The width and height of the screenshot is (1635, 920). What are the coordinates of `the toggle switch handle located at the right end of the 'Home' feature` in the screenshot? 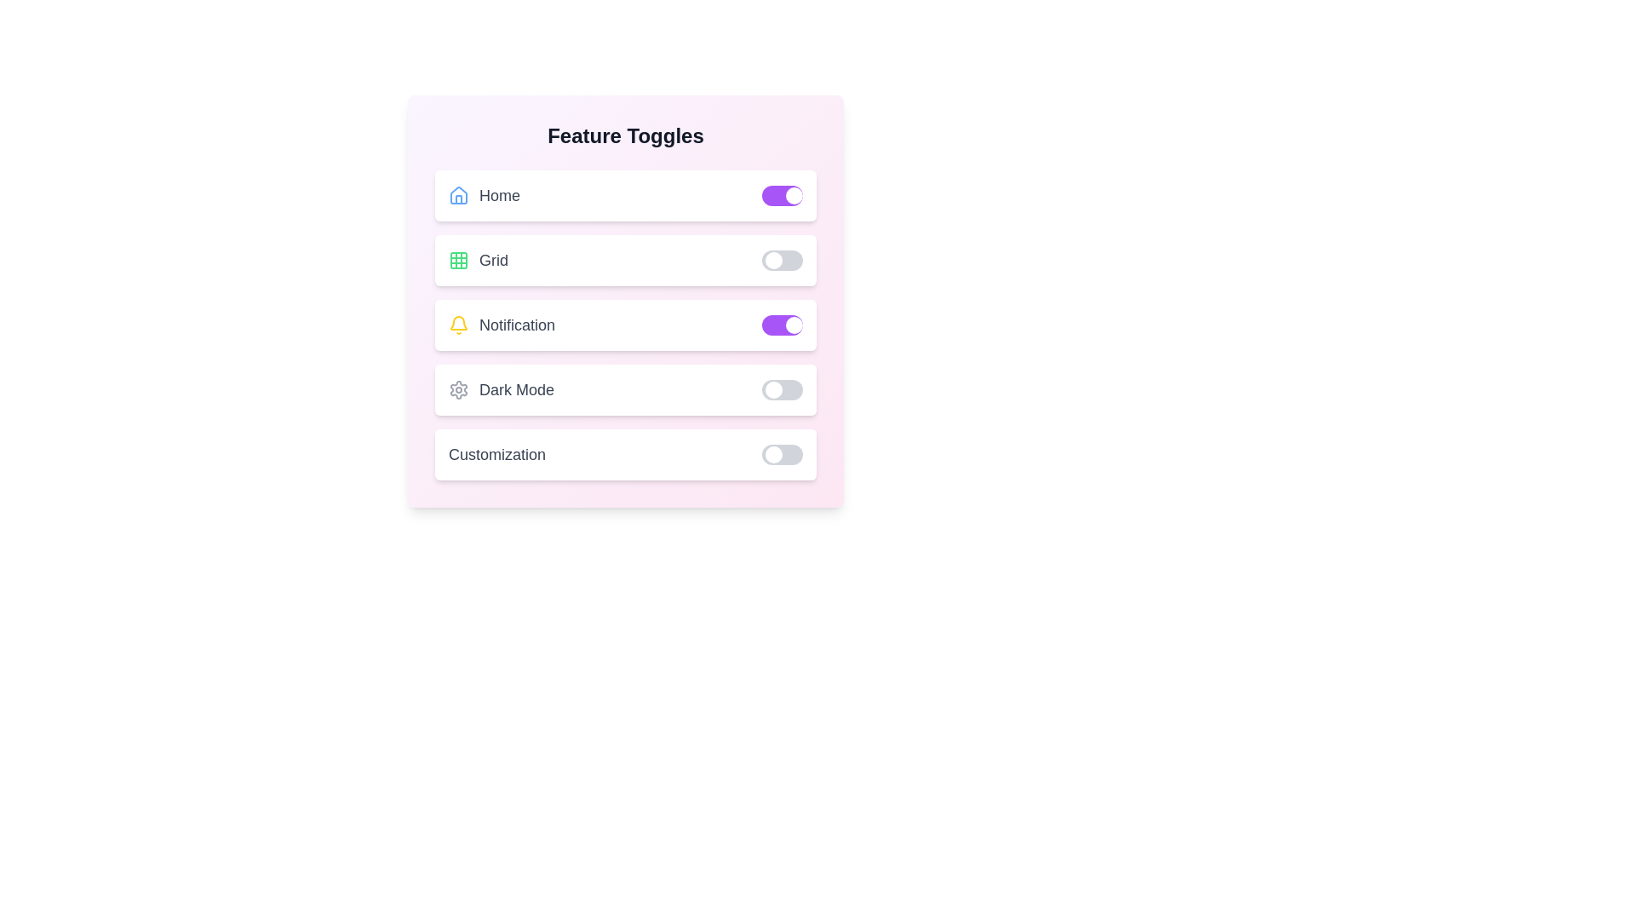 It's located at (793, 195).